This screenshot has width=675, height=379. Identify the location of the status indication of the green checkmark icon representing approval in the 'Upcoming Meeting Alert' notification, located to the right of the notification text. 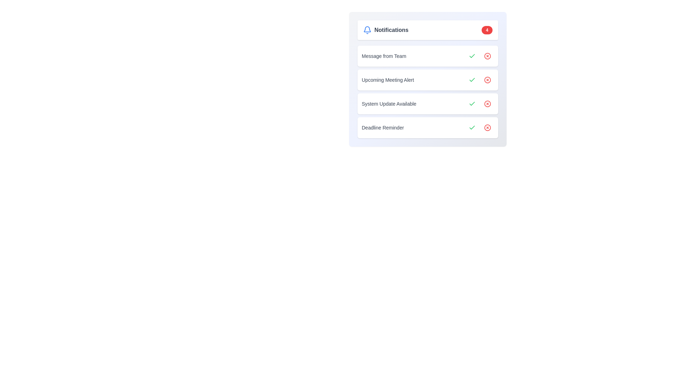
(472, 55).